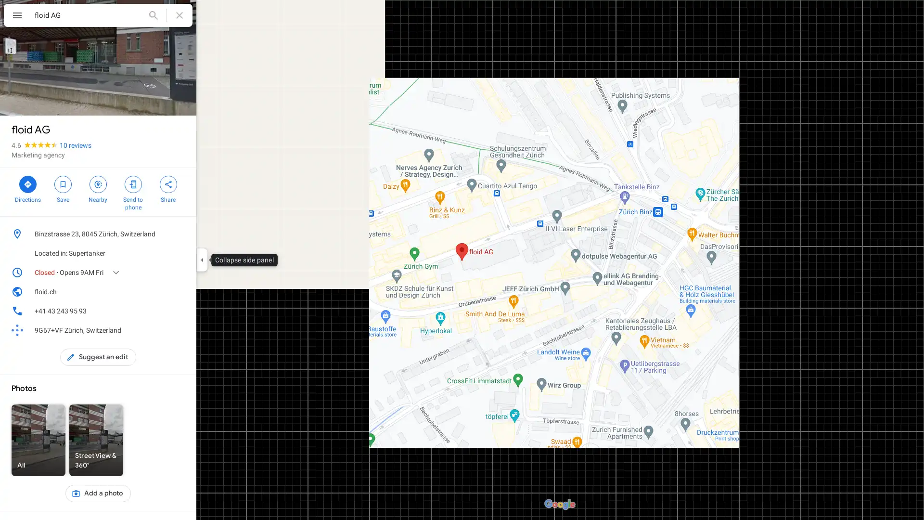  I want to click on Copy website, so click(180, 291).